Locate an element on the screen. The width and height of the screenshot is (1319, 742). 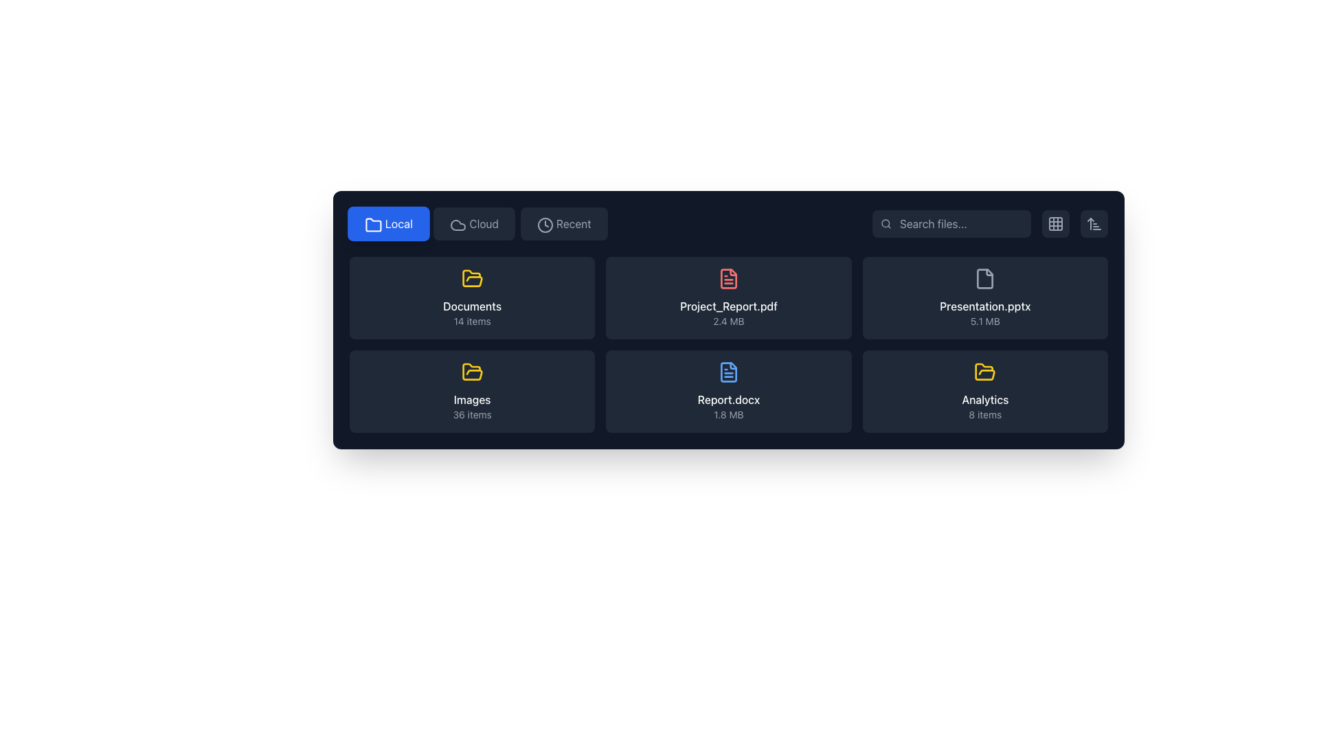
the text label displaying '5.1 MB', which is styled in gray and positioned directly under 'Presentation.pptx' in the file item grouping is located at coordinates (984, 321).